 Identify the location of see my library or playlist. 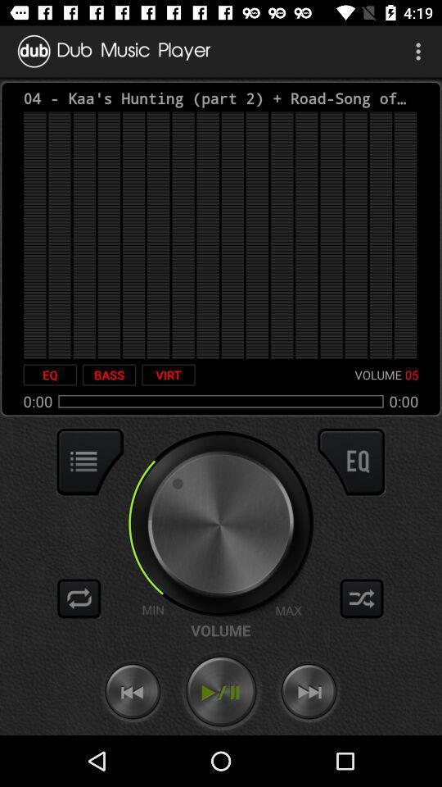
(90, 462).